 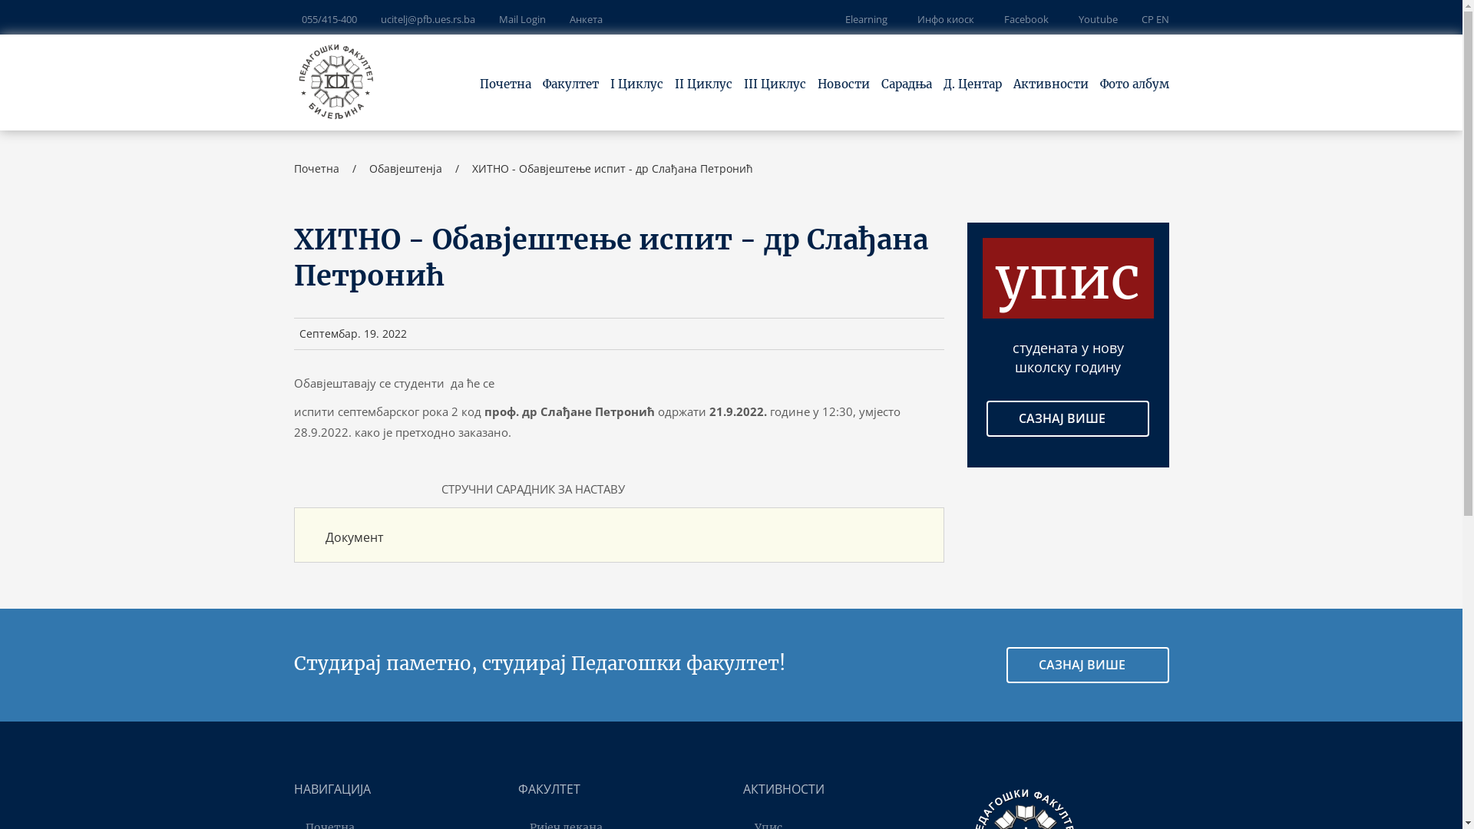 I want to click on 'Facebook', so click(x=1023, y=18).